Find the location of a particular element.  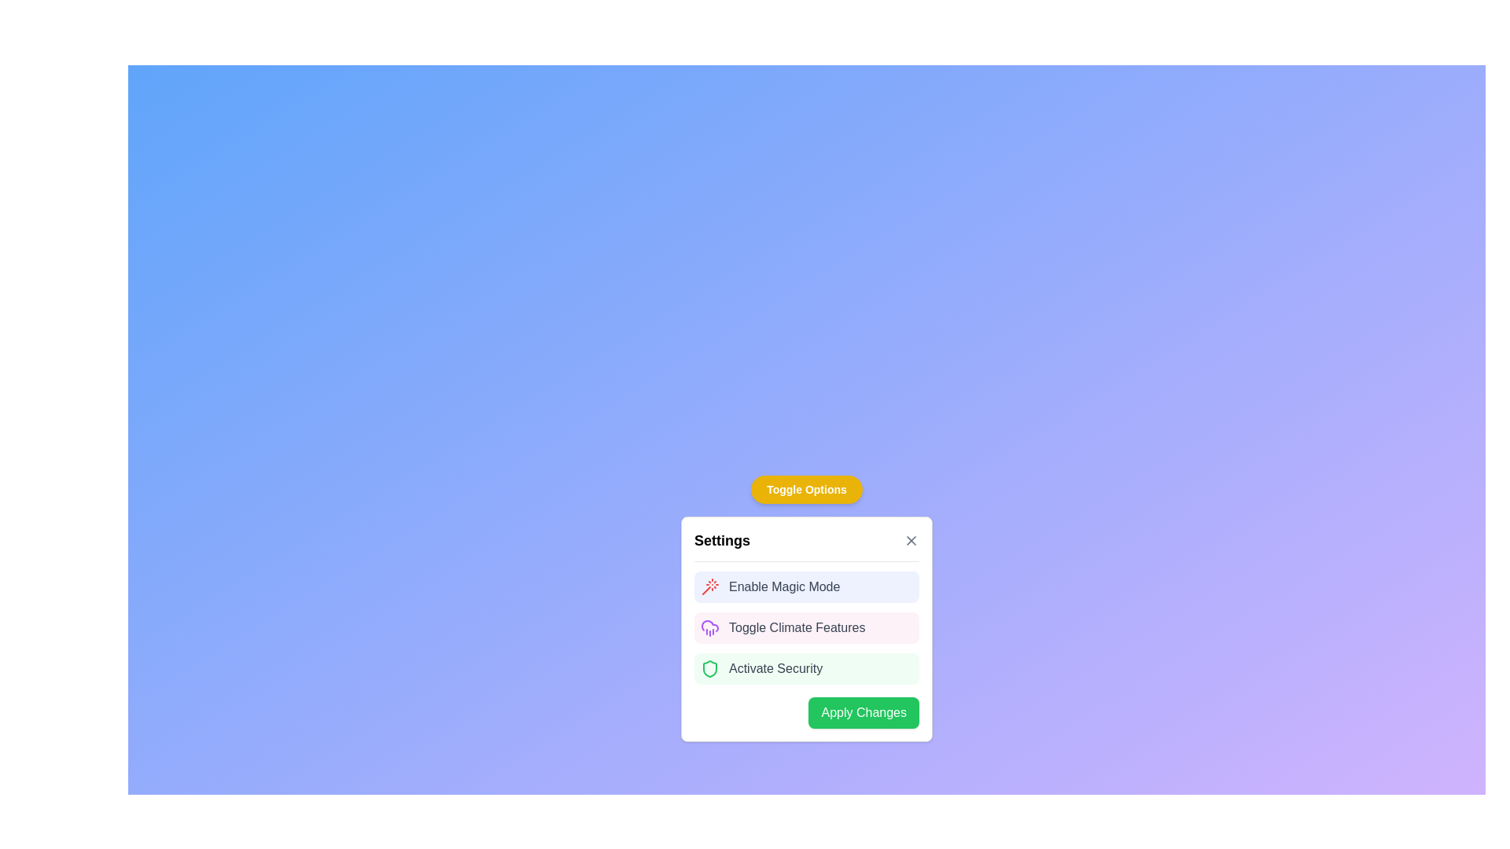

the confirm button located at the bottom-right corner of the 'Settings' modal to apply changes is located at coordinates (863, 712).